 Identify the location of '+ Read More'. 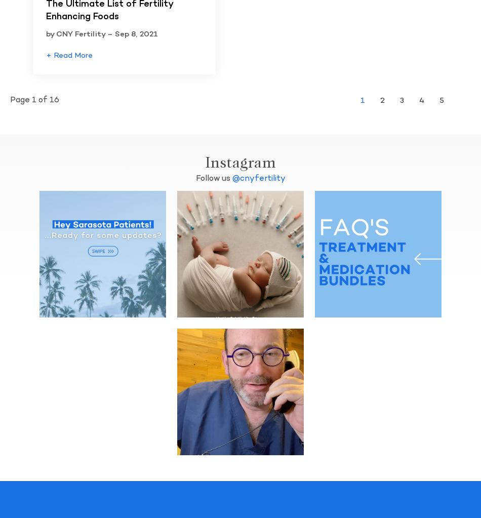
(45, 55).